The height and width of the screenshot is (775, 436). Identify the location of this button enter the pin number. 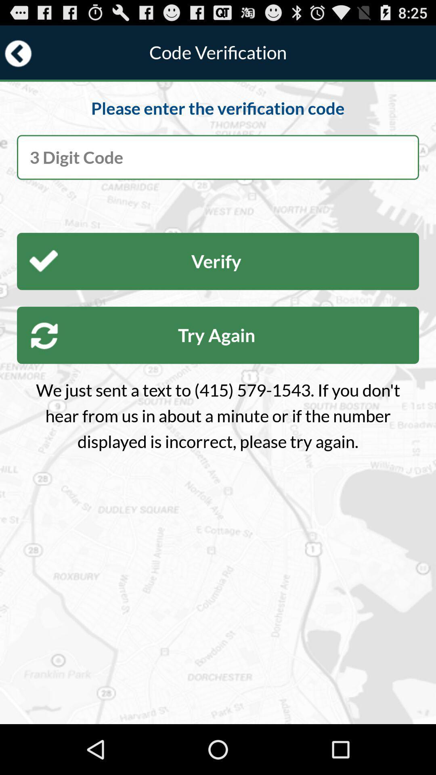
(218, 157).